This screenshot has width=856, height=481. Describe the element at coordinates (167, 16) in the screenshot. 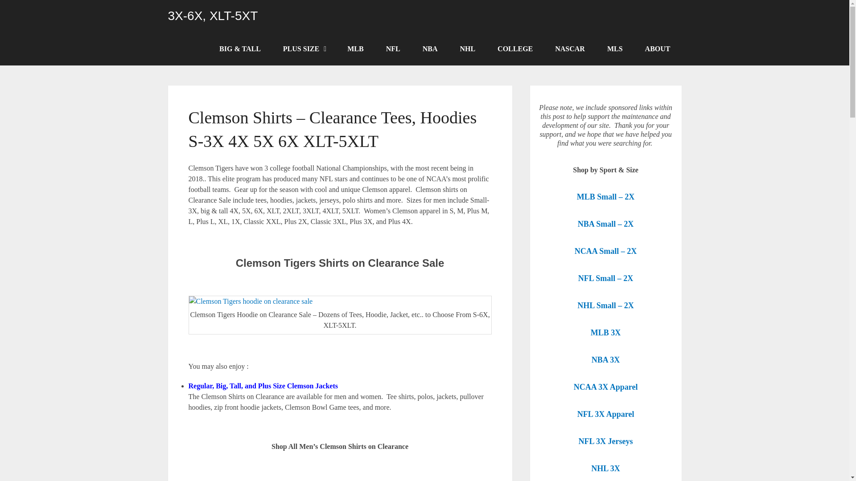

I see `'3X-6X, XLT-5XT'` at that location.